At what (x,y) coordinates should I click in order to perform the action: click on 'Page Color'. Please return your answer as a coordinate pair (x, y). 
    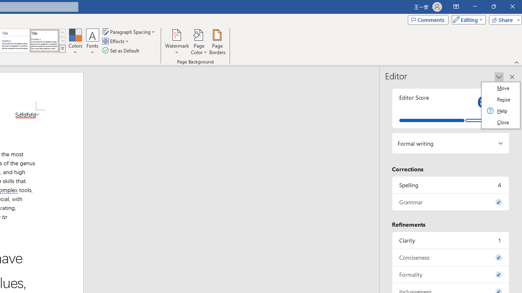
    Looking at the image, I should click on (199, 42).